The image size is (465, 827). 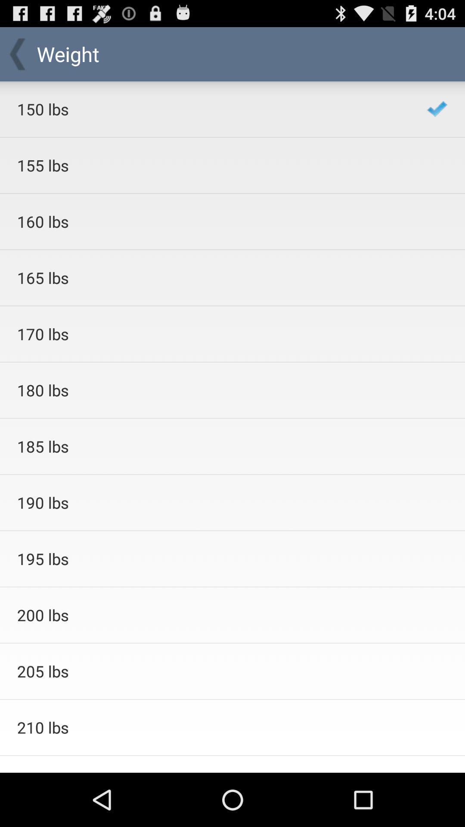 What do you see at coordinates (211, 615) in the screenshot?
I see `the icon below 195 lbs` at bounding box center [211, 615].